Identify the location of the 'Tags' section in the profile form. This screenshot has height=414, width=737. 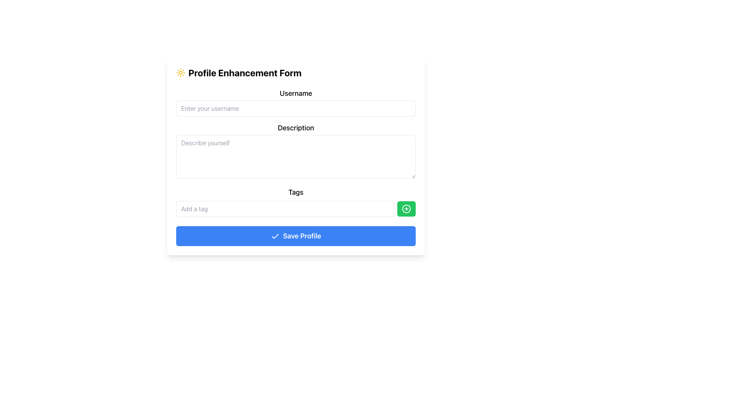
(296, 203).